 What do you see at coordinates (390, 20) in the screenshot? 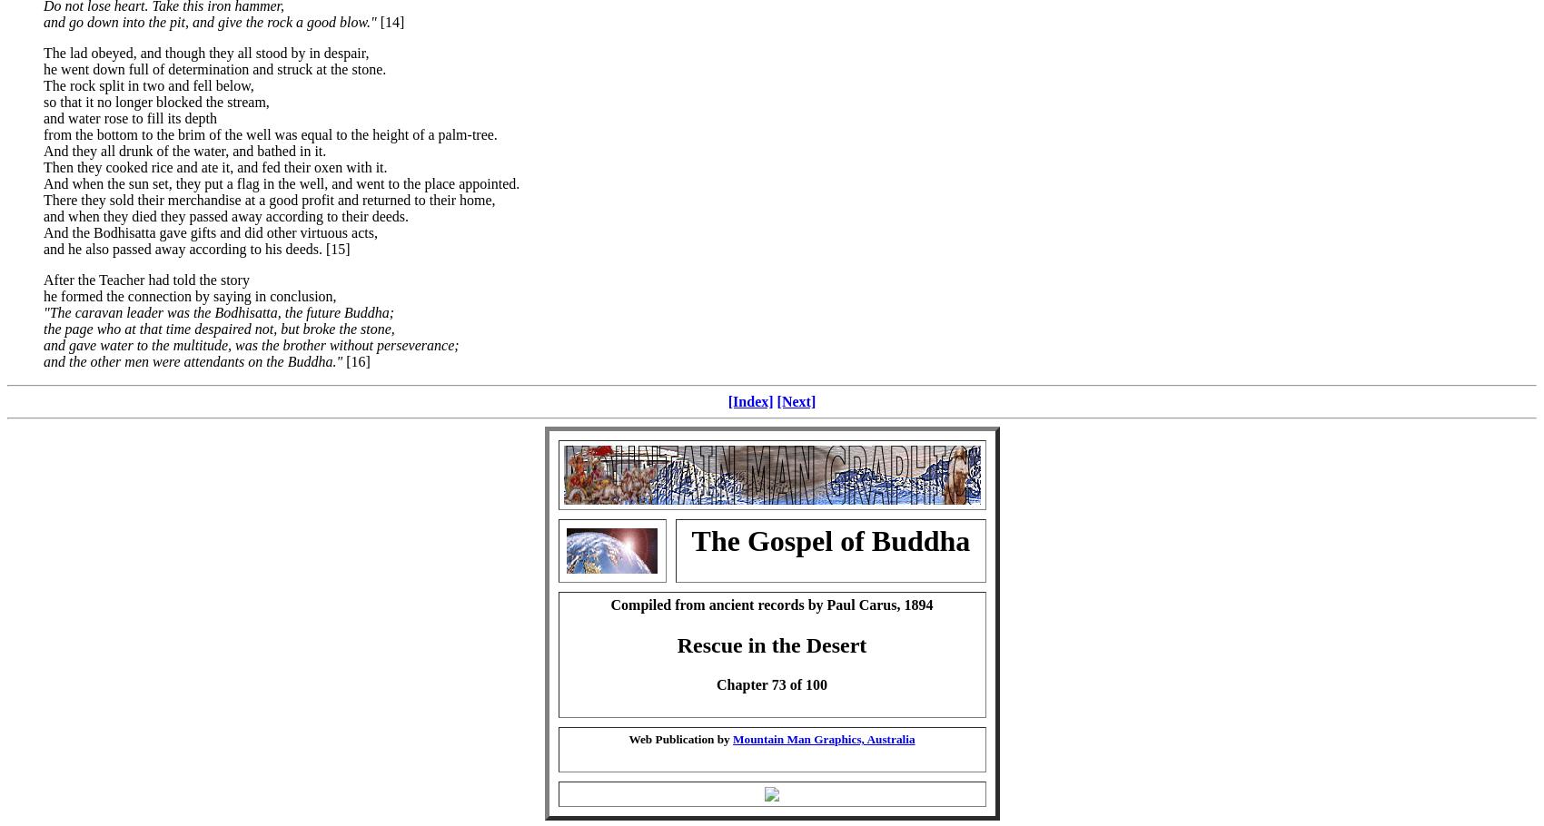
I see `'[14]'` at bounding box center [390, 20].